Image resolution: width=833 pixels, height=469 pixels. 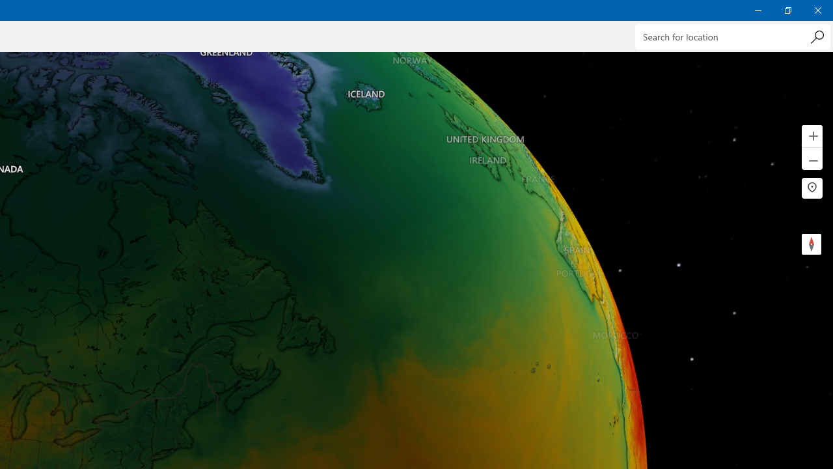 What do you see at coordinates (732, 36) in the screenshot?
I see `'Search for location'` at bounding box center [732, 36].